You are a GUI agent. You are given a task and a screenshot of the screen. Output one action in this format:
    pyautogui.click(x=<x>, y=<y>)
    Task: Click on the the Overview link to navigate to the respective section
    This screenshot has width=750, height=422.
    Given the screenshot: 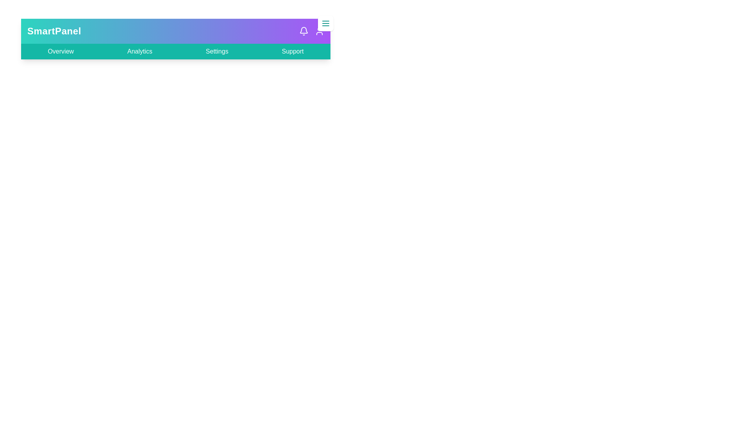 What is the action you would take?
    pyautogui.click(x=60, y=51)
    